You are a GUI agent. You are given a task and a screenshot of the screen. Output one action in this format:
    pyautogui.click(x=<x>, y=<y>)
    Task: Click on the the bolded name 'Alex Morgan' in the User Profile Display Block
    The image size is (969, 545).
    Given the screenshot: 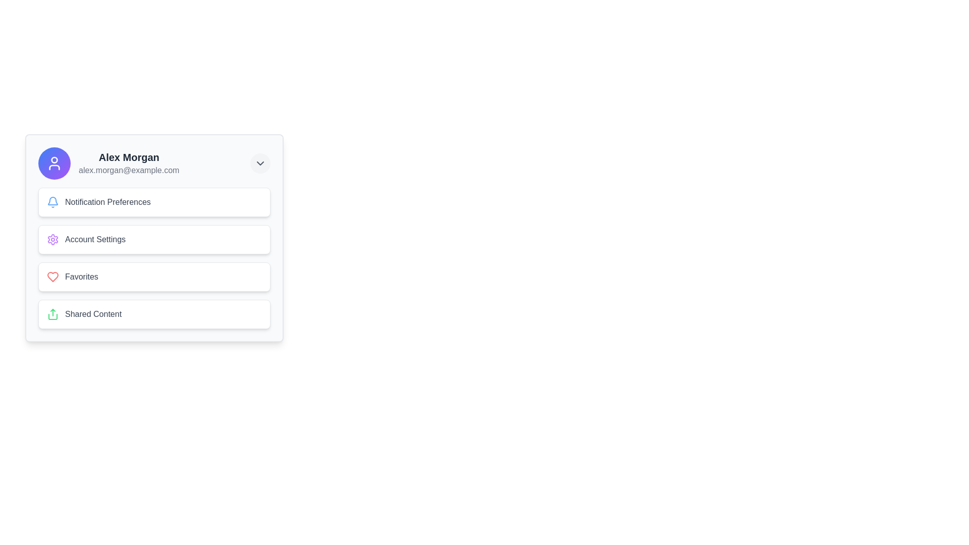 What is the action you would take?
    pyautogui.click(x=109, y=163)
    